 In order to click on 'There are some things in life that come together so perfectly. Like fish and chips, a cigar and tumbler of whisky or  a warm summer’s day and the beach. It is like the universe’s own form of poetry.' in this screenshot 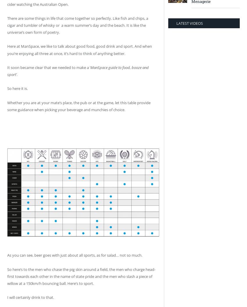, I will do `click(7, 25)`.